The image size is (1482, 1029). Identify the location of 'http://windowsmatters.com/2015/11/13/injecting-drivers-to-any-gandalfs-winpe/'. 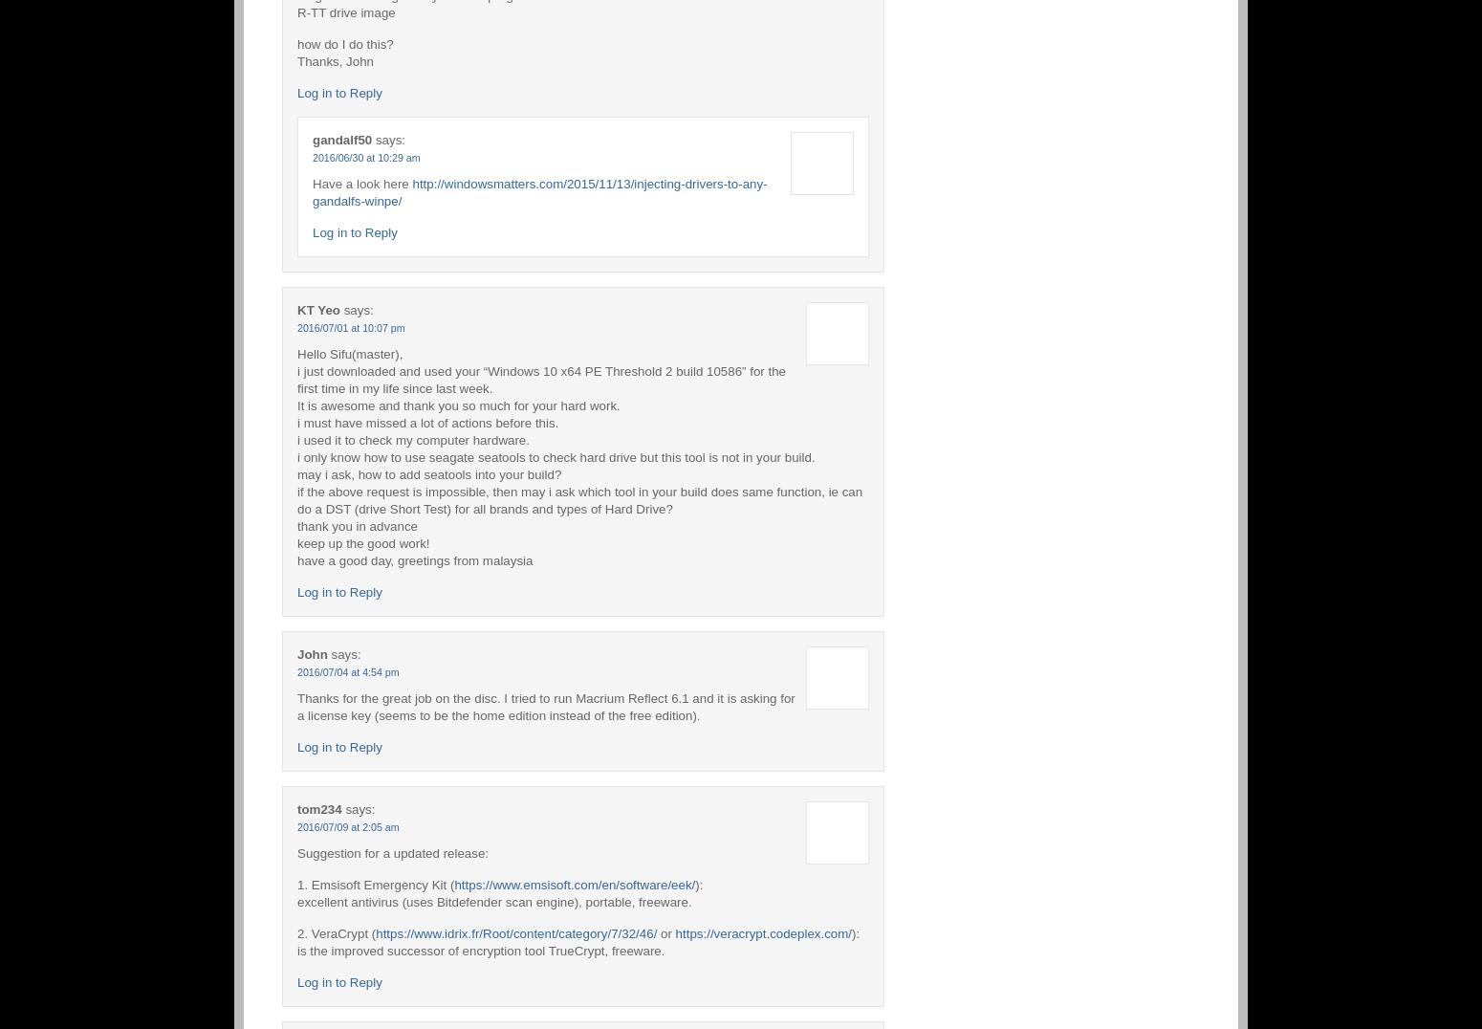
(539, 190).